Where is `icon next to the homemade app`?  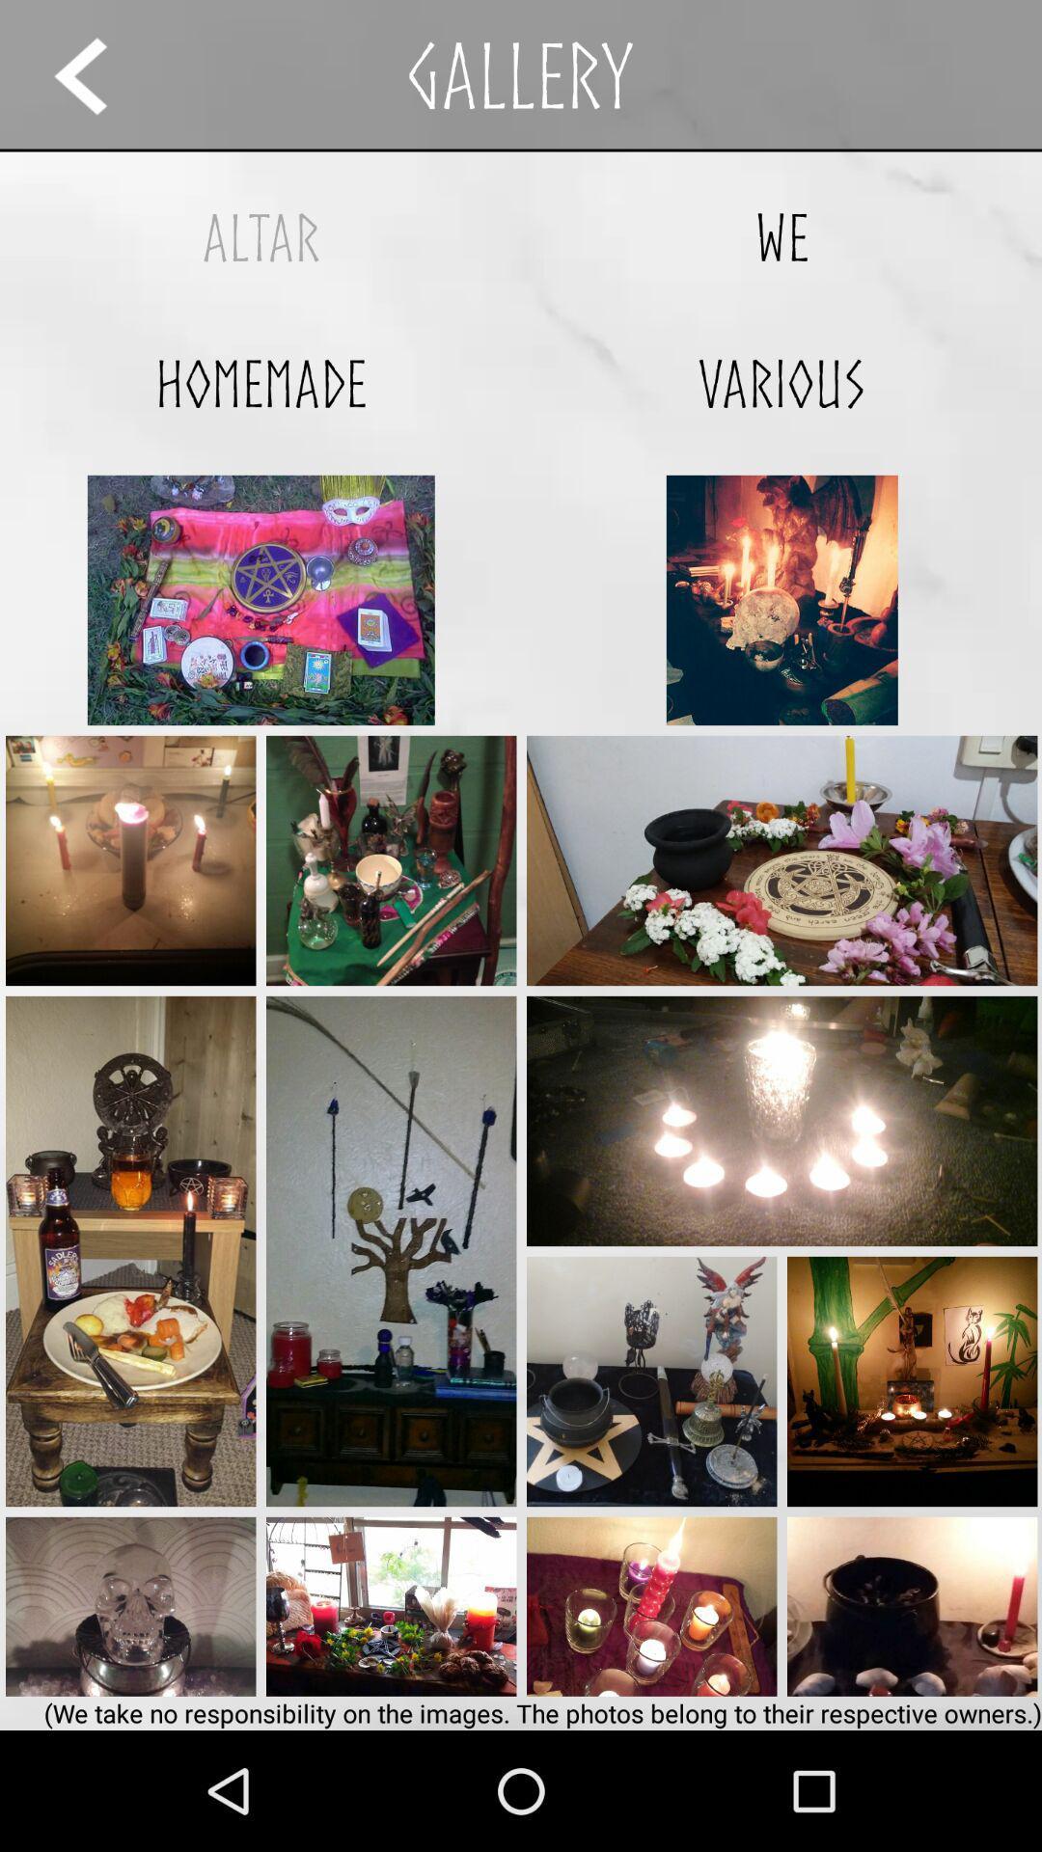 icon next to the homemade app is located at coordinates (781, 383).